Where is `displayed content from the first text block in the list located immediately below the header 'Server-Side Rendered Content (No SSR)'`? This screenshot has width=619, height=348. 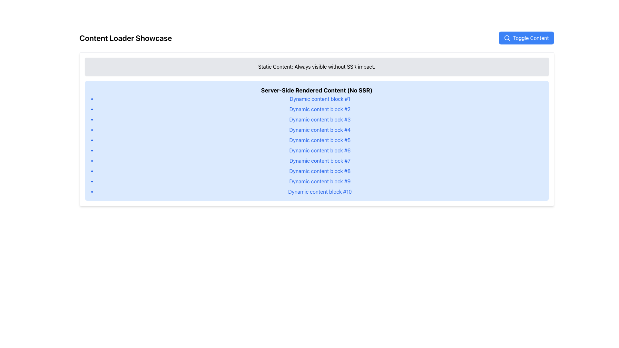 displayed content from the first text block in the list located immediately below the header 'Server-Side Rendered Content (No SSR)' is located at coordinates (320, 99).